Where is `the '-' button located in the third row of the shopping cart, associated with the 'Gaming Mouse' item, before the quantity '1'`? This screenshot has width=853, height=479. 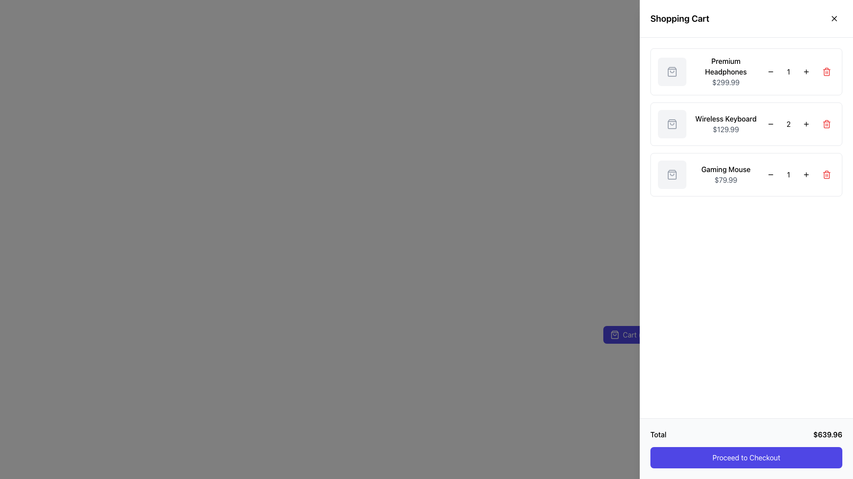 the '-' button located in the third row of the shopping cart, associated with the 'Gaming Mouse' item, before the quantity '1' is located at coordinates (770, 174).